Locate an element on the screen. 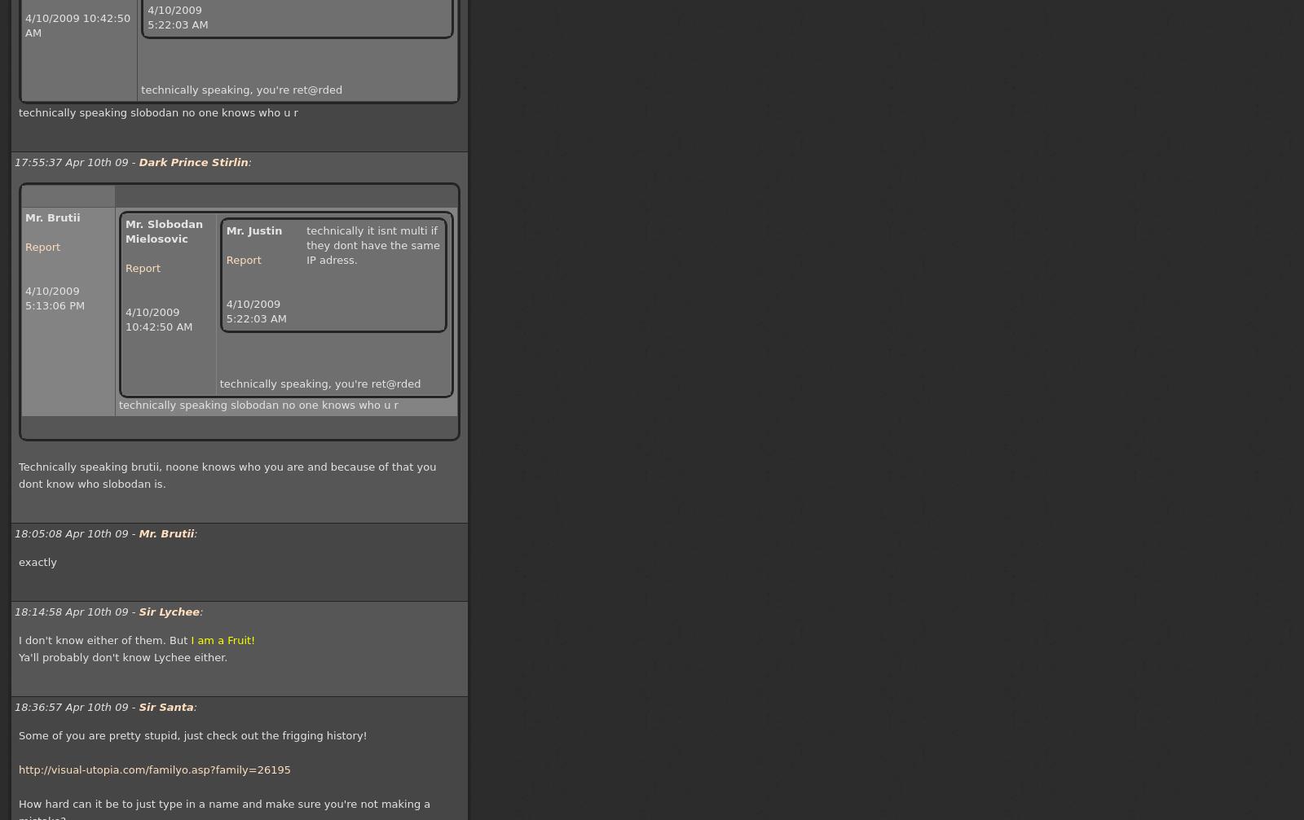 The height and width of the screenshot is (820, 1304). 'Mr. Justin' is located at coordinates (253, 230).